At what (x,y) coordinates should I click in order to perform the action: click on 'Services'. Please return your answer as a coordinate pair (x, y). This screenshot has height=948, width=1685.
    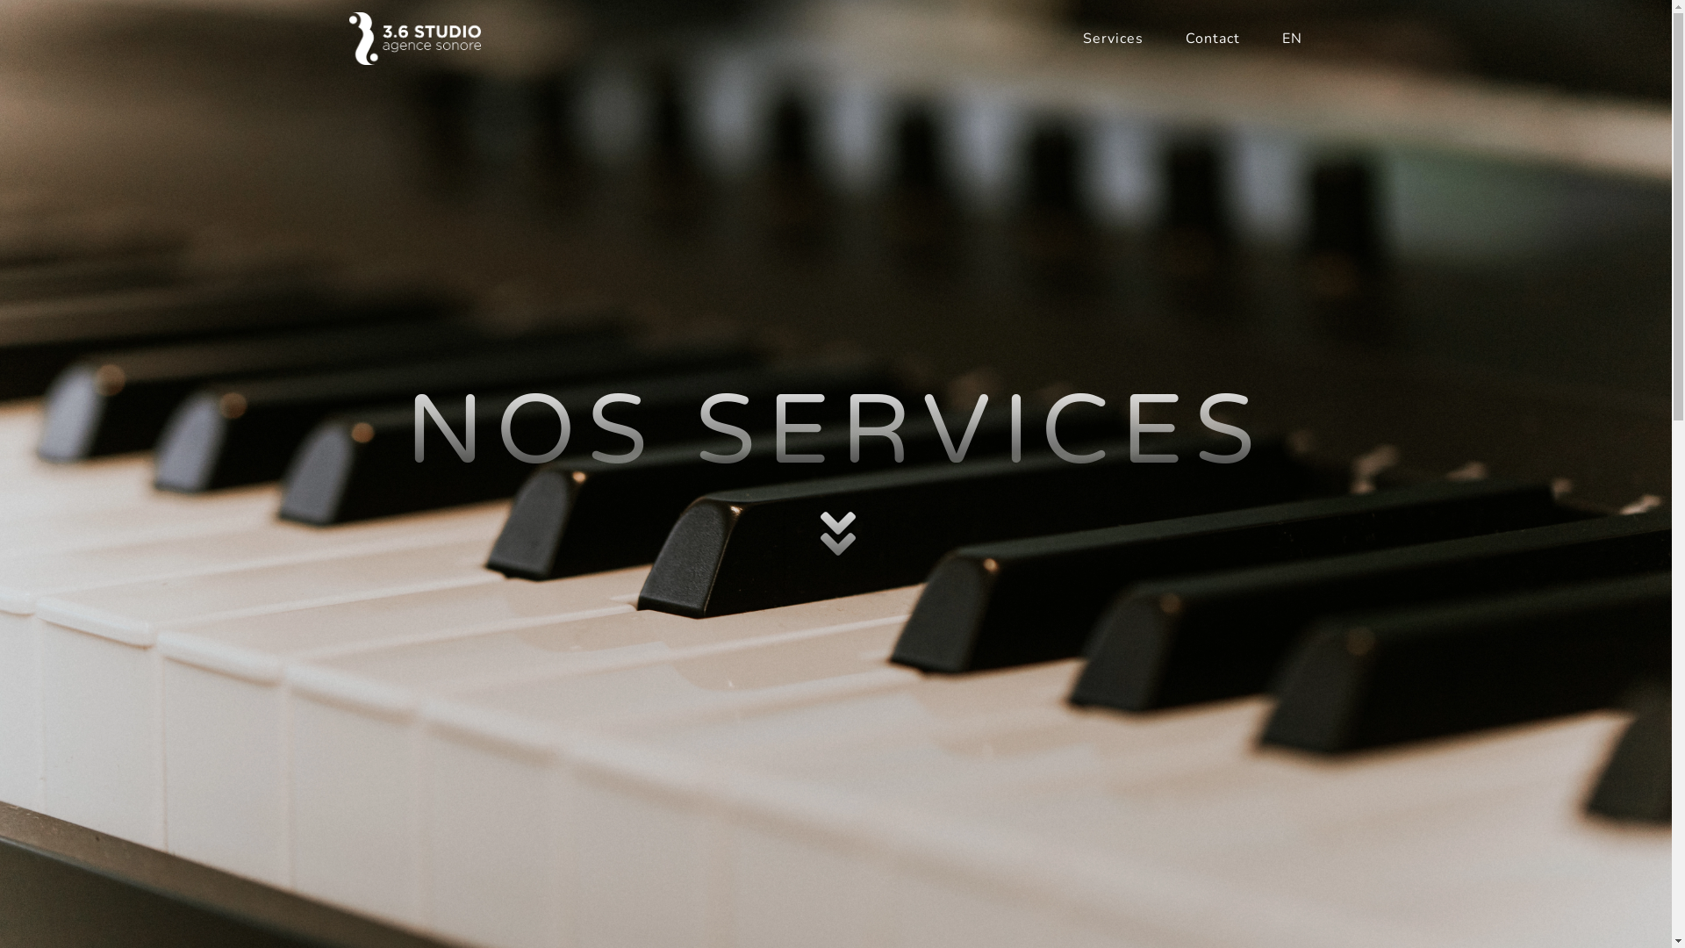
    Looking at the image, I should click on (1060, 38).